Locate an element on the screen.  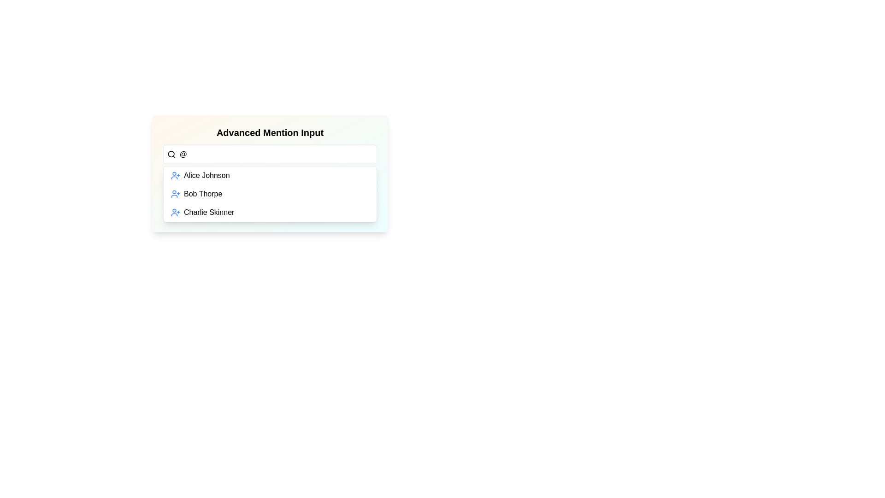
the list item representing user 'Charlie Skinner' is located at coordinates (269, 213).